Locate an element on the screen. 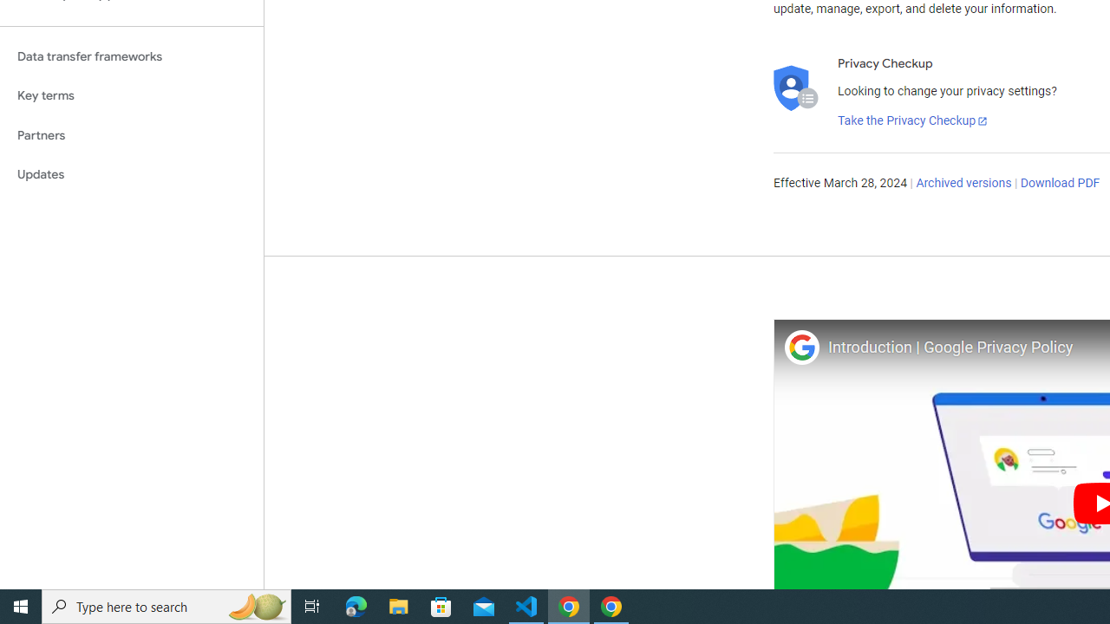 The height and width of the screenshot is (624, 1110). 'Data transfer frameworks' is located at coordinates (131, 55).